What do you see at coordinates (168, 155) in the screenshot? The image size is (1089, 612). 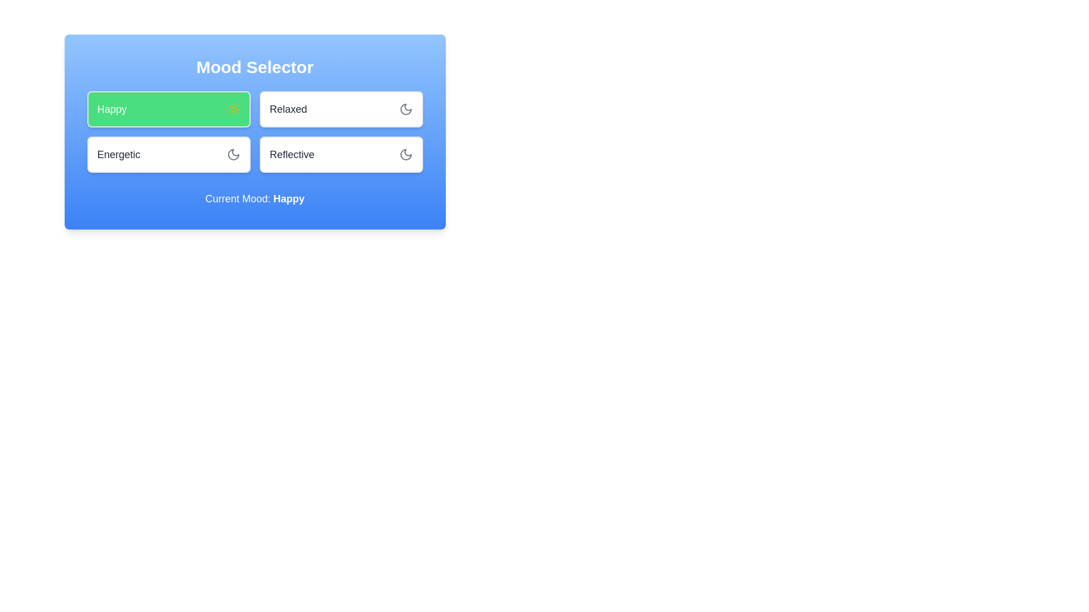 I see `the mood Energetic by clicking on its corresponding button` at bounding box center [168, 155].